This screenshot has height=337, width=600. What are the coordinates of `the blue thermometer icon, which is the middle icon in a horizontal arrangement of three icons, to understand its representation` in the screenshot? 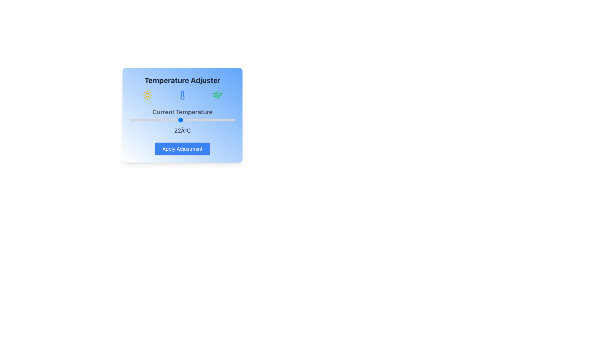 It's located at (182, 95).